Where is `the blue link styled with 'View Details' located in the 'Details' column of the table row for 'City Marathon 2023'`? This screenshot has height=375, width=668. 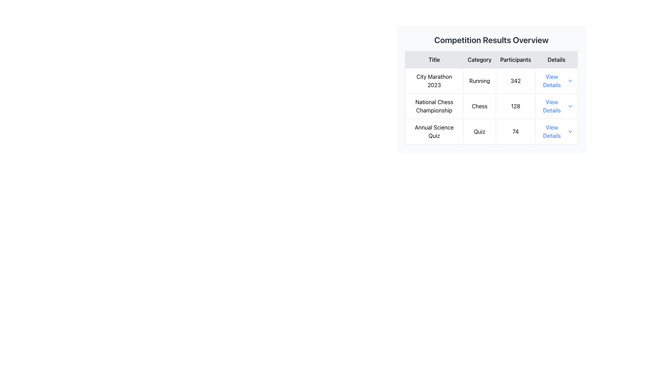 the blue link styled with 'View Details' located in the 'Details' column of the table row for 'City Marathon 2023' is located at coordinates (556, 80).